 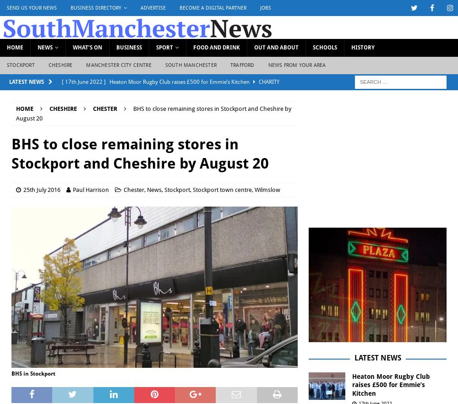 What do you see at coordinates (109, 159) in the screenshot?
I see `'Kids’ media club reaches 1,000 ‘mini reporters’ since launch'` at bounding box center [109, 159].